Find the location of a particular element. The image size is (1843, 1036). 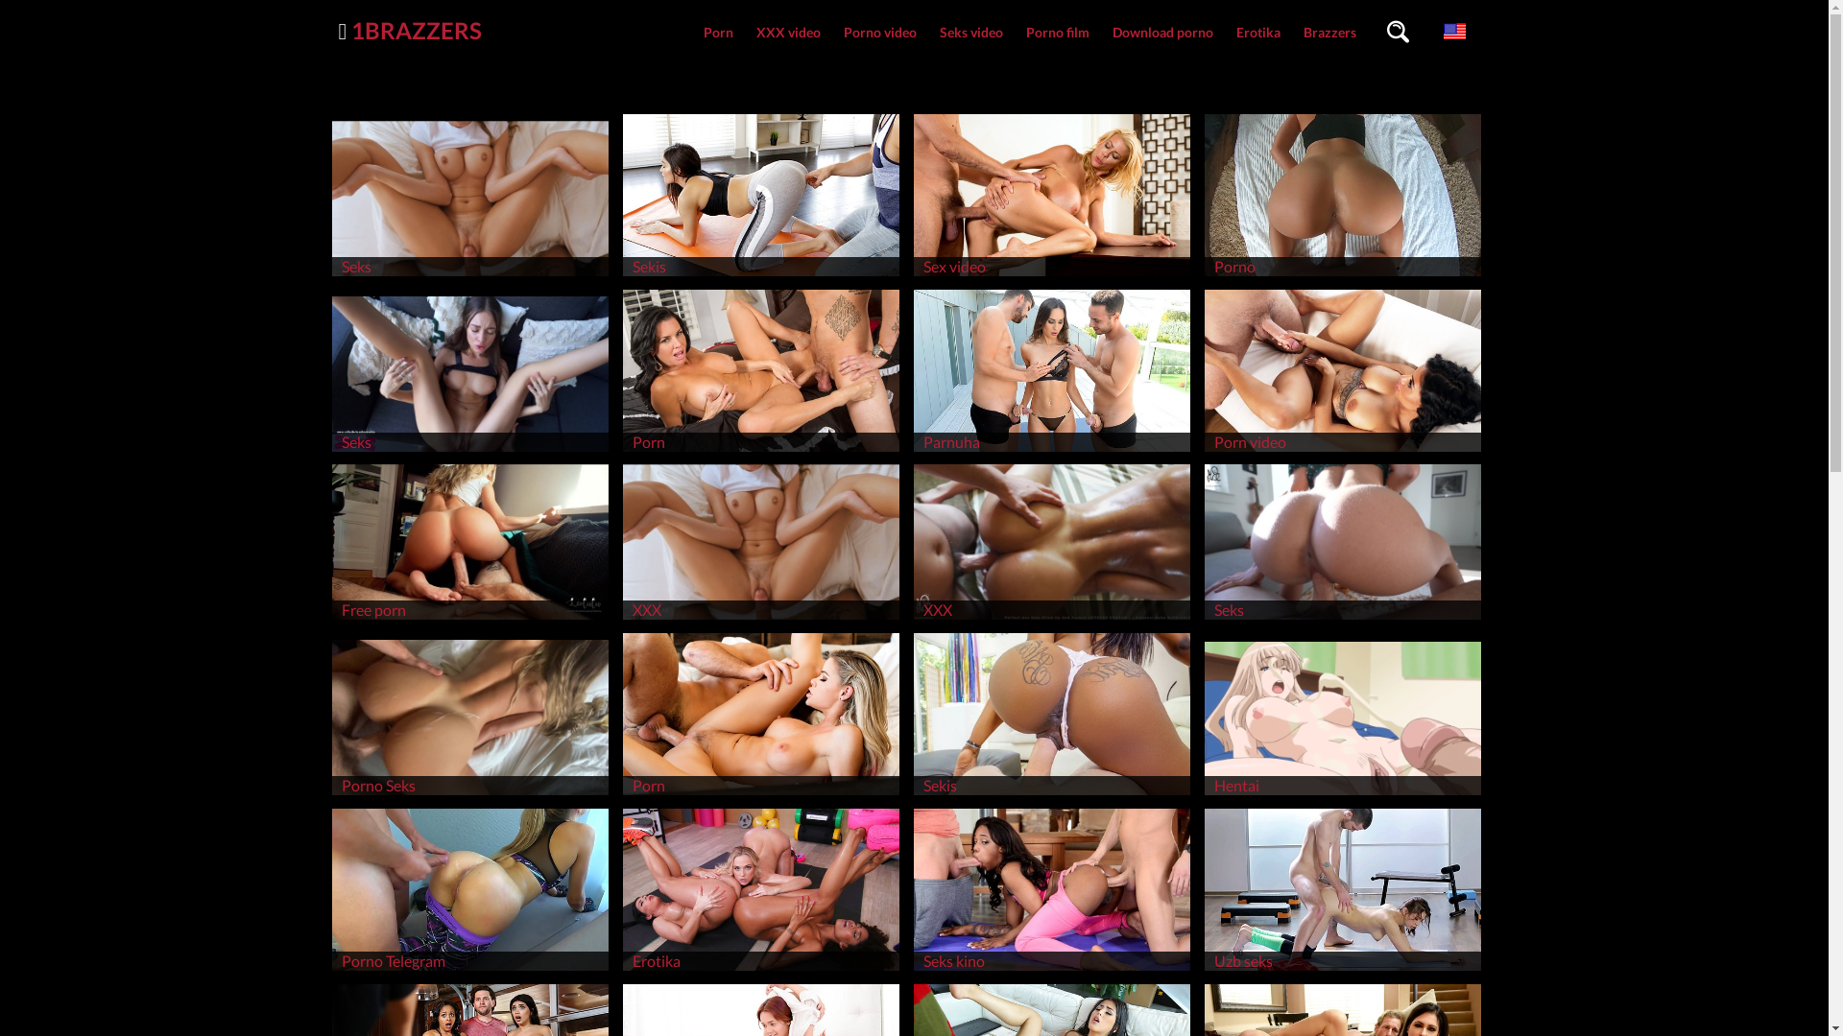

'Download porno' is located at coordinates (1161, 33).